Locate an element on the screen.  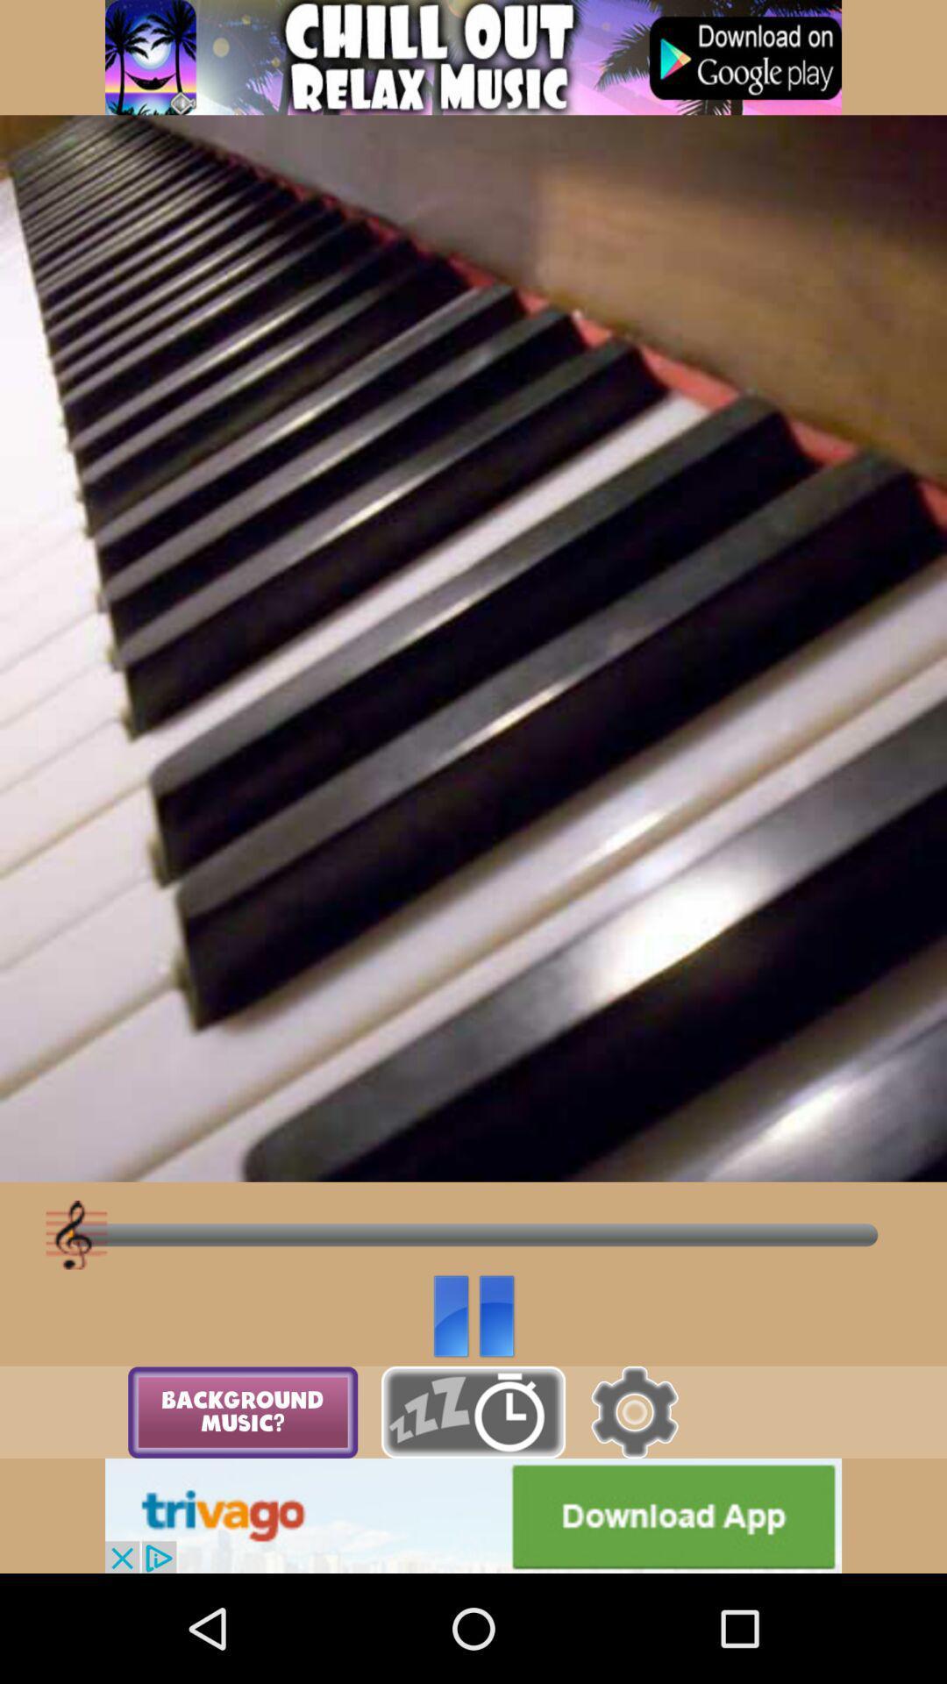
ste sleep timer is located at coordinates (473, 1412).